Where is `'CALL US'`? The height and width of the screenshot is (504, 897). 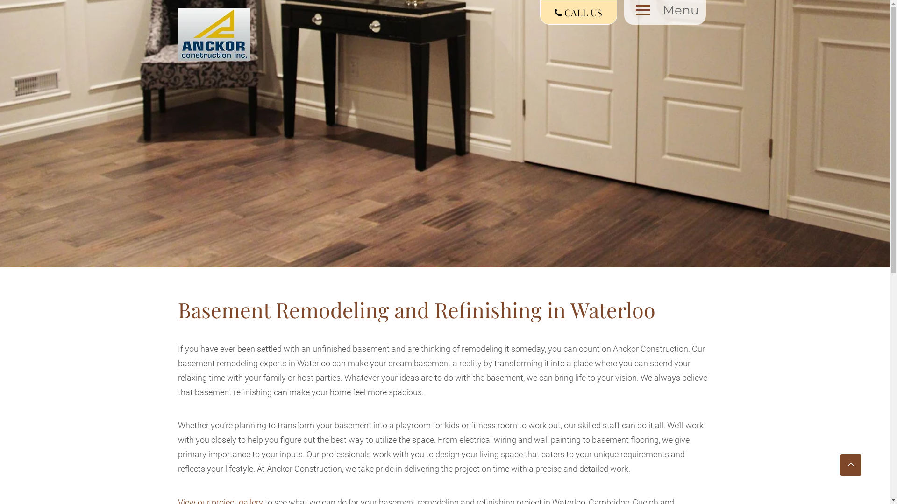
'CALL US' is located at coordinates (540, 12).